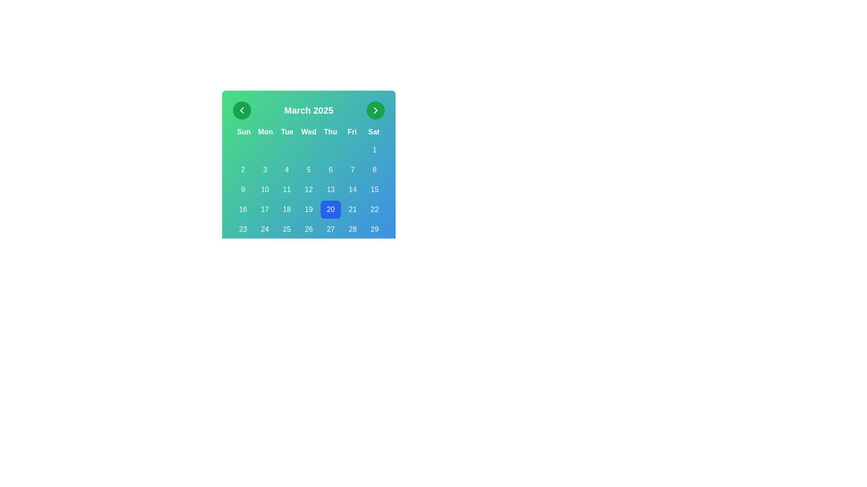 The height and width of the screenshot is (487, 867). What do you see at coordinates (243, 132) in the screenshot?
I see `the static text label identifying the first day of the week in the calendar view for additional information` at bounding box center [243, 132].